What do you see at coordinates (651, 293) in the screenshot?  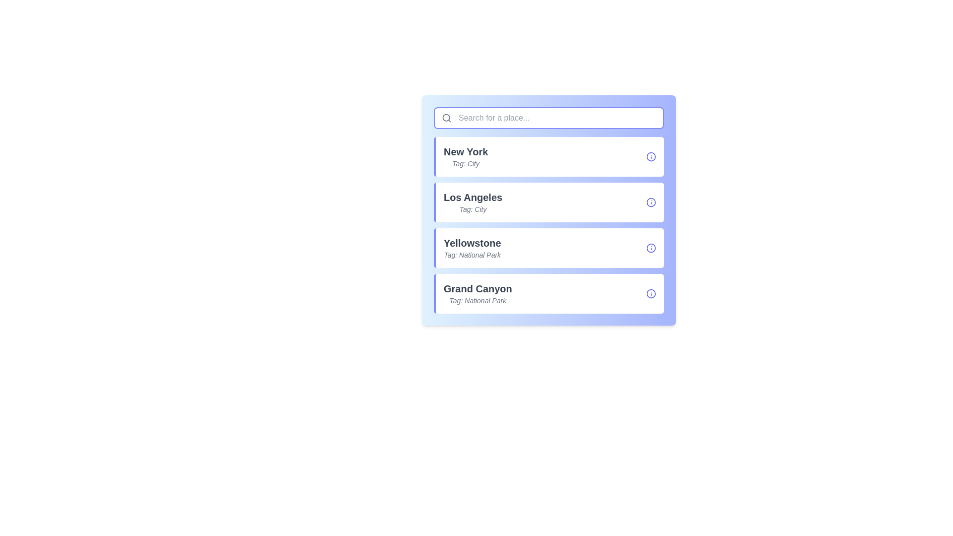 I see `the circular icon with a thin blue border and a white background, located on the right side of the list item labeled 'Grand Canyon'` at bounding box center [651, 293].